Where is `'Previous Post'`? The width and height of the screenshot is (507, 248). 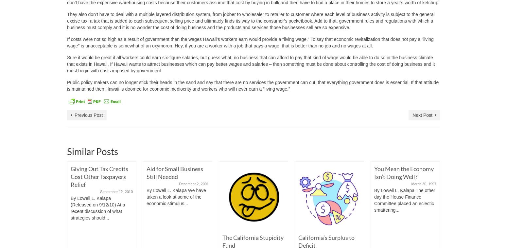
'Previous Post' is located at coordinates (88, 115).